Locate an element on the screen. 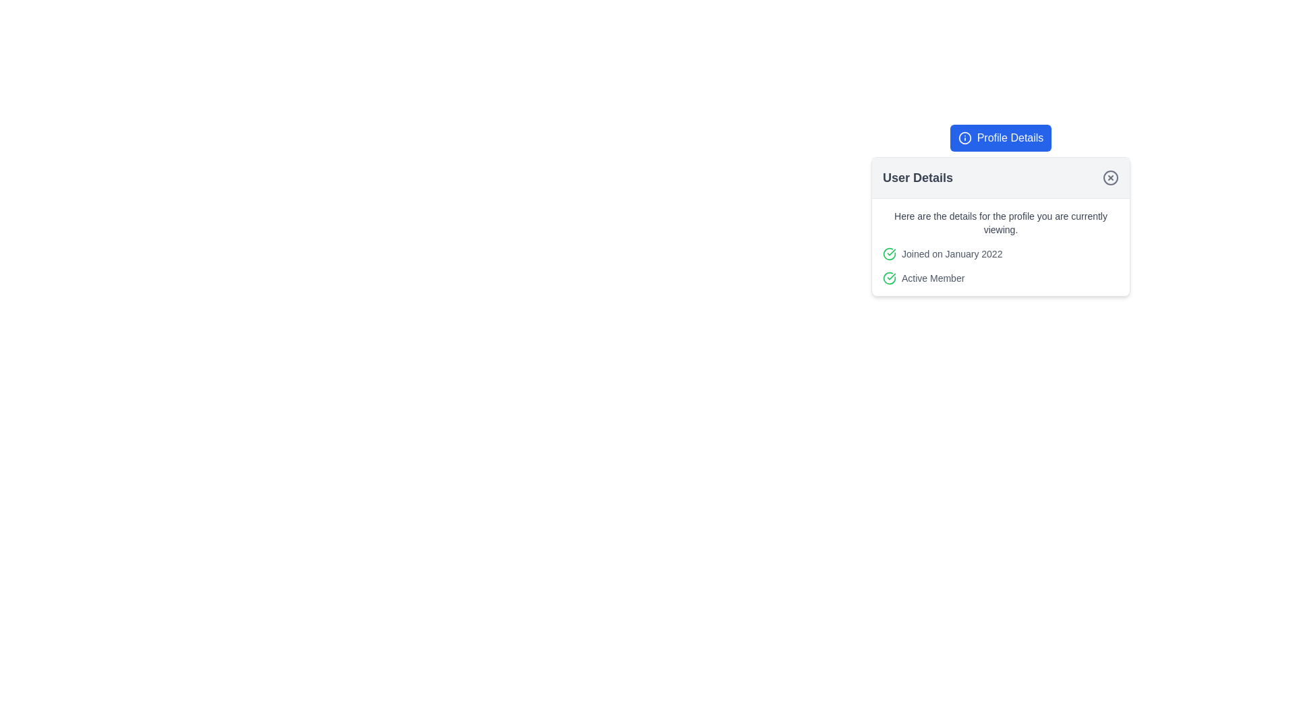 Image resolution: width=1295 pixels, height=728 pixels. the text label that provides context for the user details section, located under the title 'User Details' is located at coordinates (1000, 222).